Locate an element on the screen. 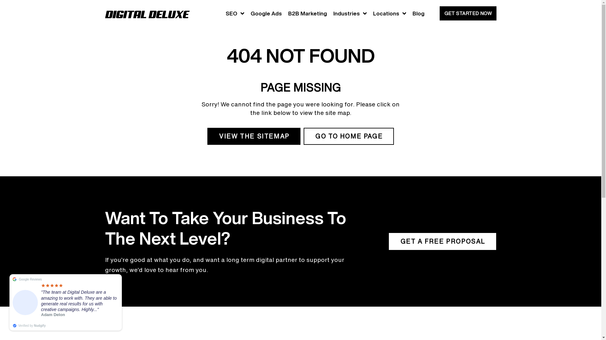 The height and width of the screenshot is (340, 606). 'GO TO HOME PAGE' is located at coordinates (348, 136).